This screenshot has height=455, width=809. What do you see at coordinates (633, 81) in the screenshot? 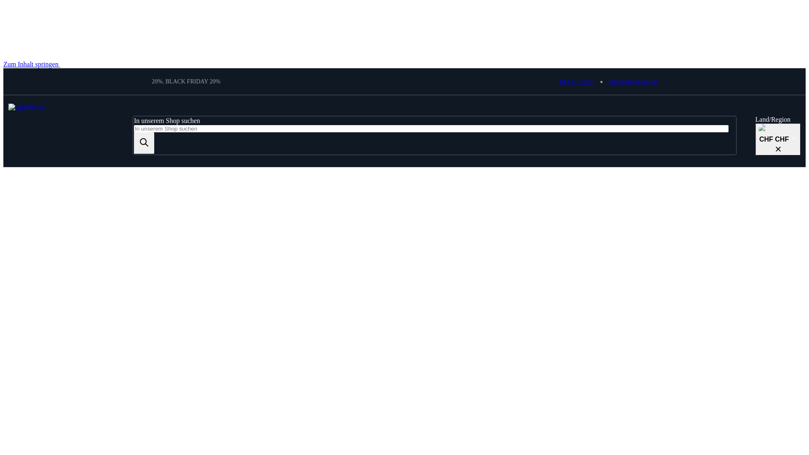
I see `'info@agrocheval.ch'` at bounding box center [633, 81].